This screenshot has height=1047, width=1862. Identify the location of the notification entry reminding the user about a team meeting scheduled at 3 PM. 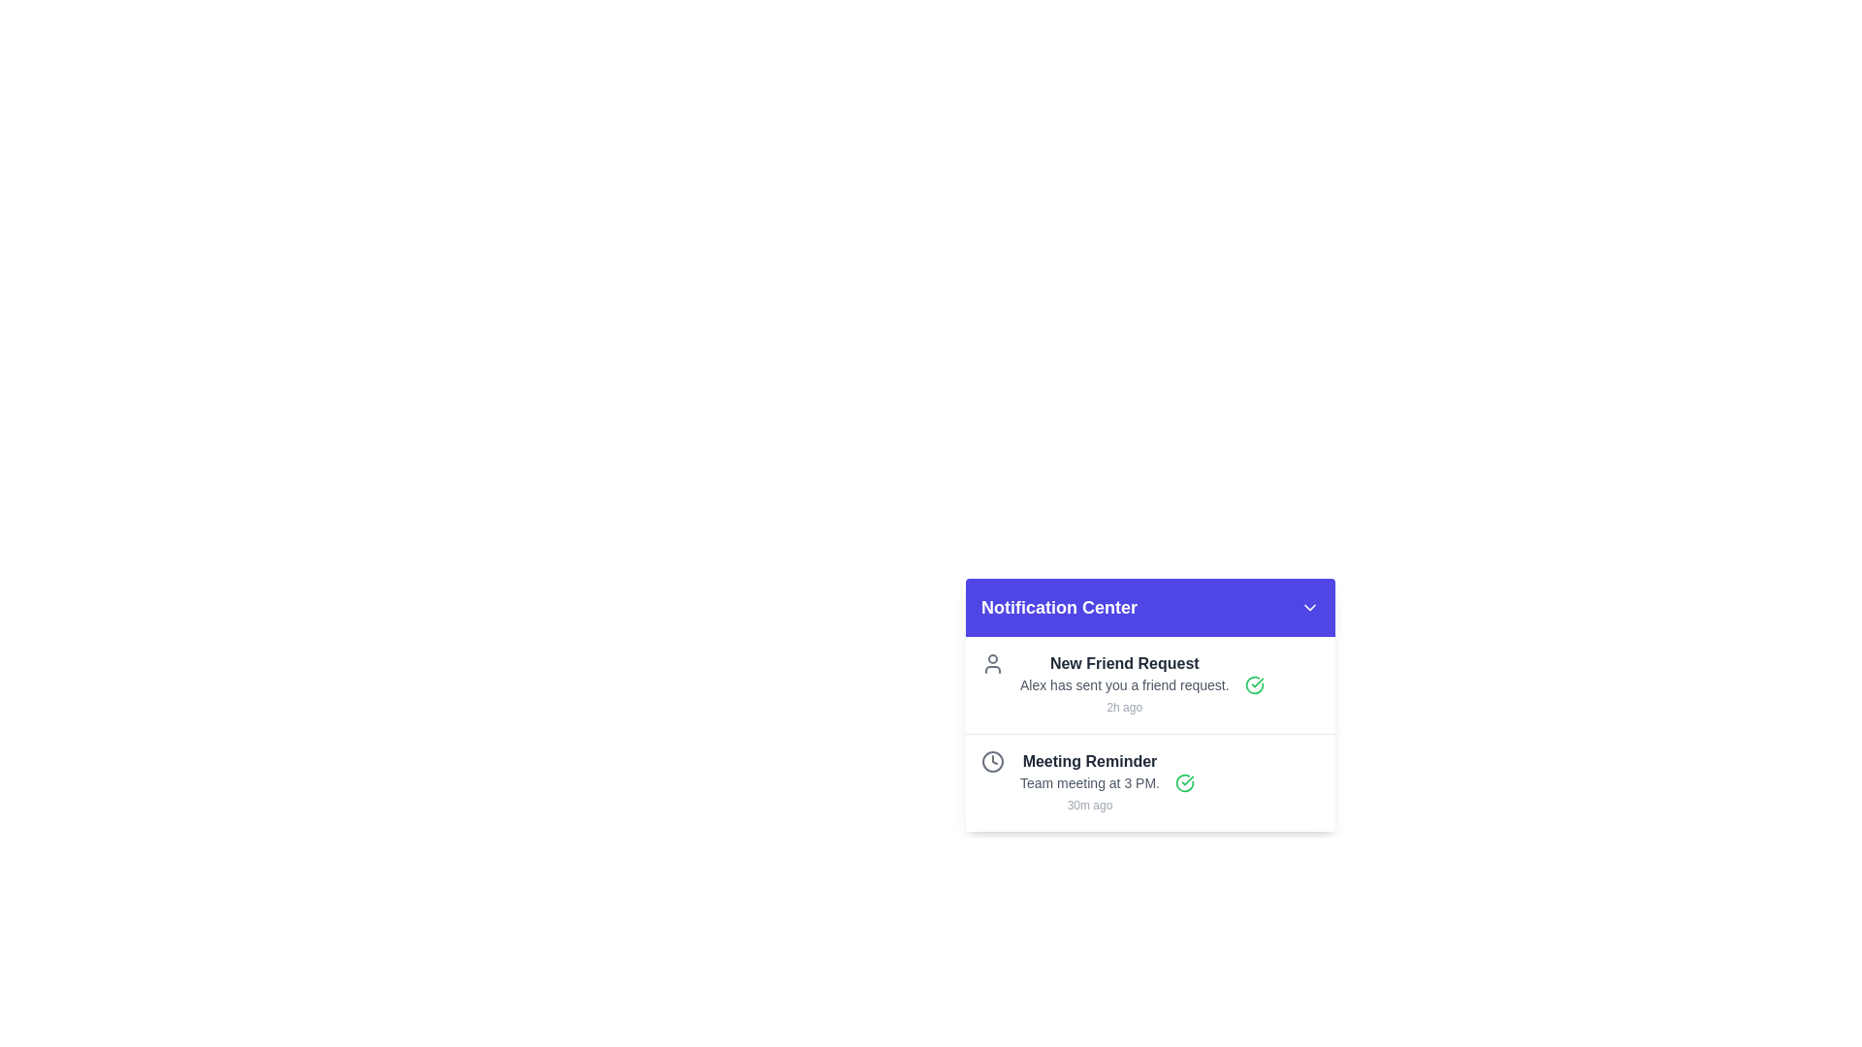
(1150, 781).